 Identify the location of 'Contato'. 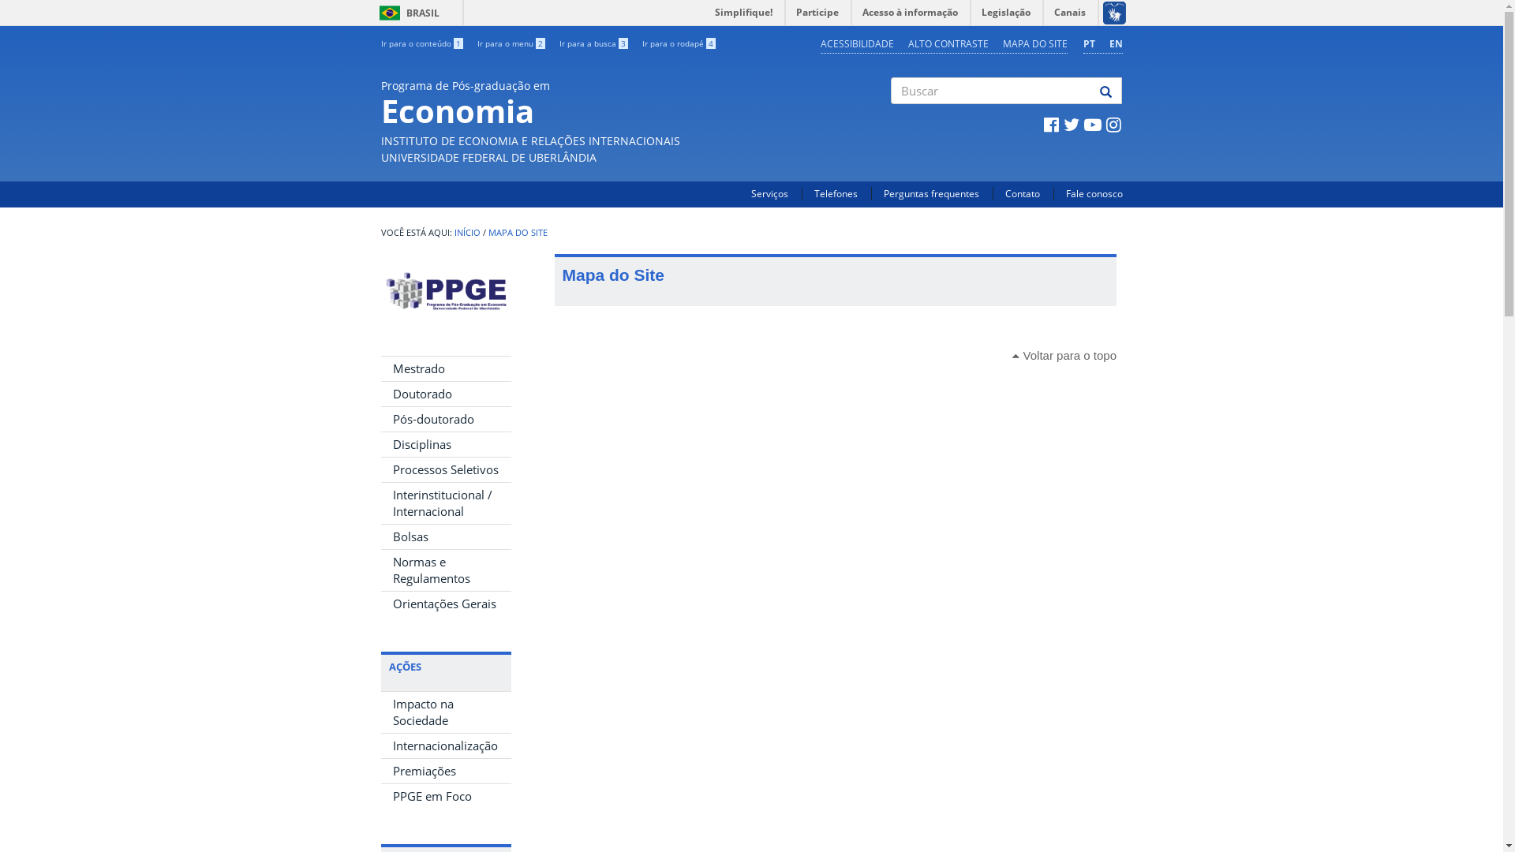
(1004, 192).